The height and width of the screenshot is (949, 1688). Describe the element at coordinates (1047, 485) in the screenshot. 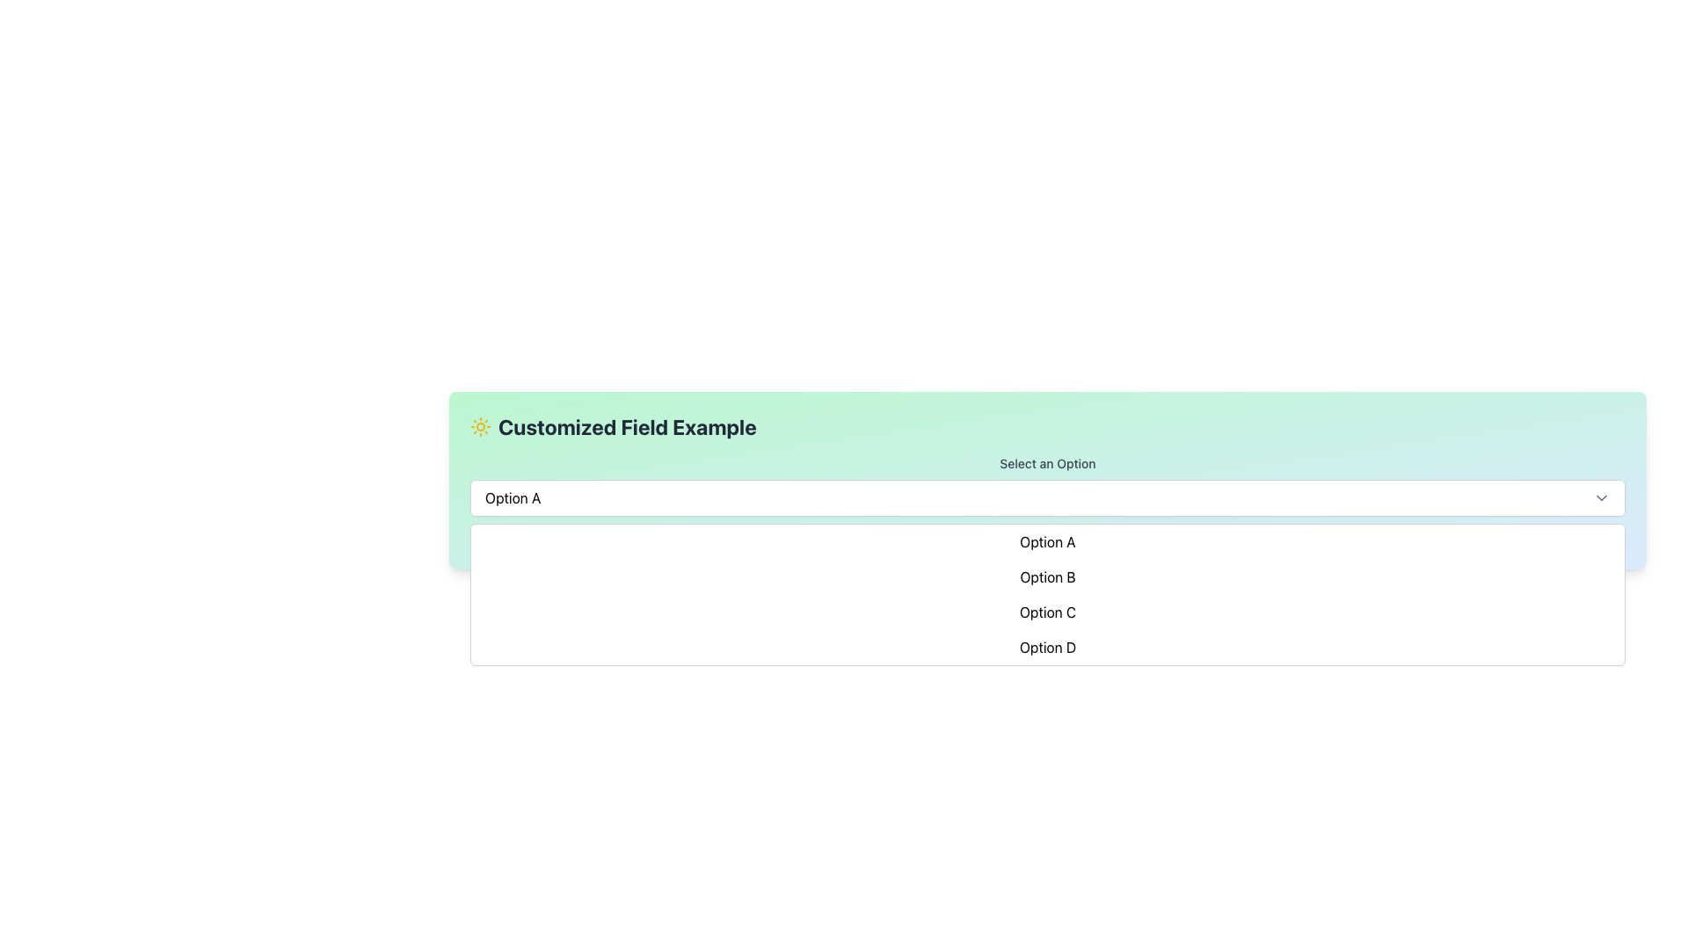

I see `the dropdown menu labeled 'Customized Field Example'` at that location.